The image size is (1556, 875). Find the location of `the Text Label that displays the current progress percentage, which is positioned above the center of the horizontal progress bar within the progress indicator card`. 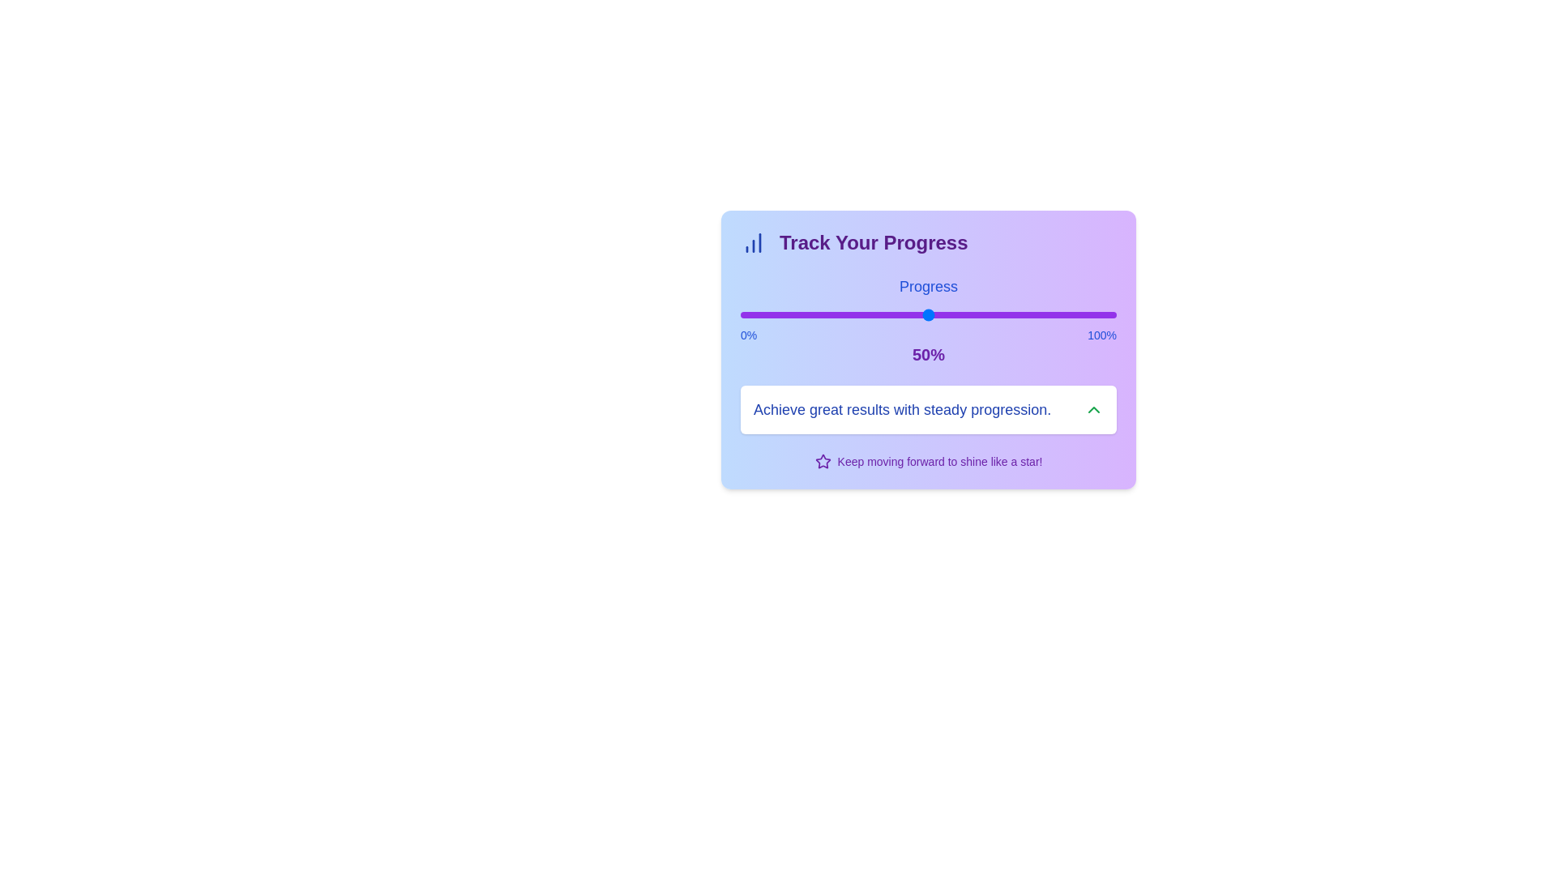

the Text Label that displays the current progress percentage, which is positioned above the center of the horizontal progress bar within the progress indicator card is located at coordinates (929, 354).